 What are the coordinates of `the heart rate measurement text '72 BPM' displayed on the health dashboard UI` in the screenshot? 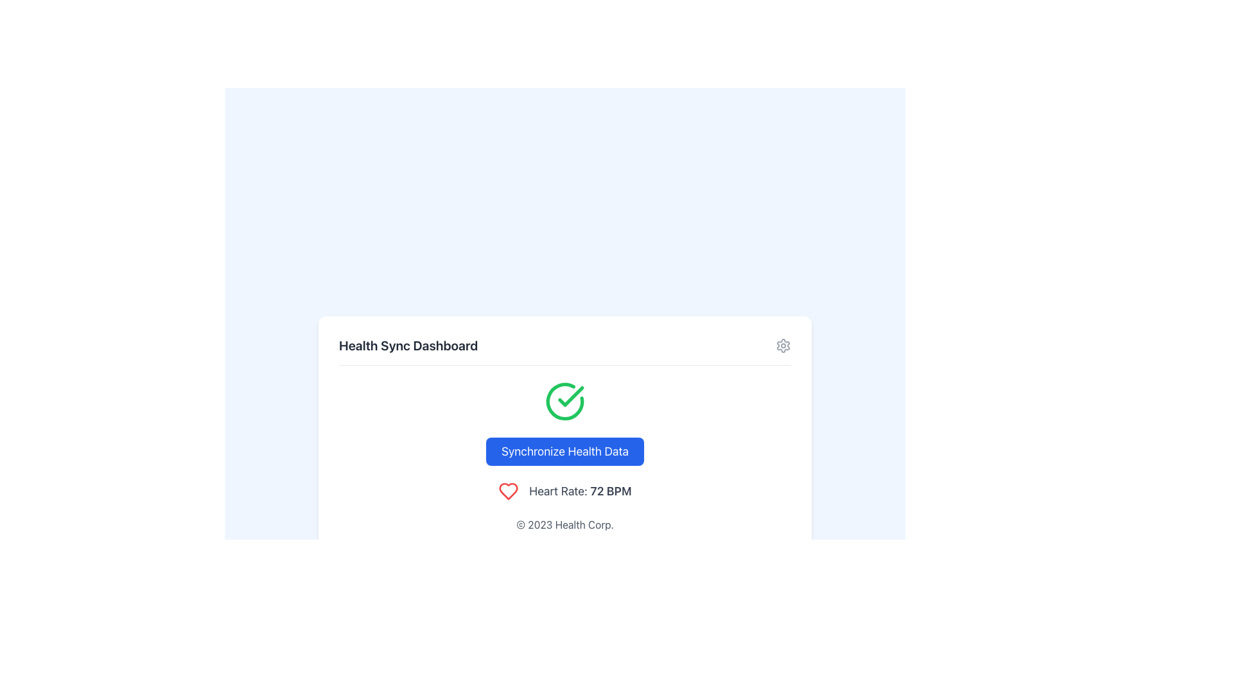 It's located at (610, 490).